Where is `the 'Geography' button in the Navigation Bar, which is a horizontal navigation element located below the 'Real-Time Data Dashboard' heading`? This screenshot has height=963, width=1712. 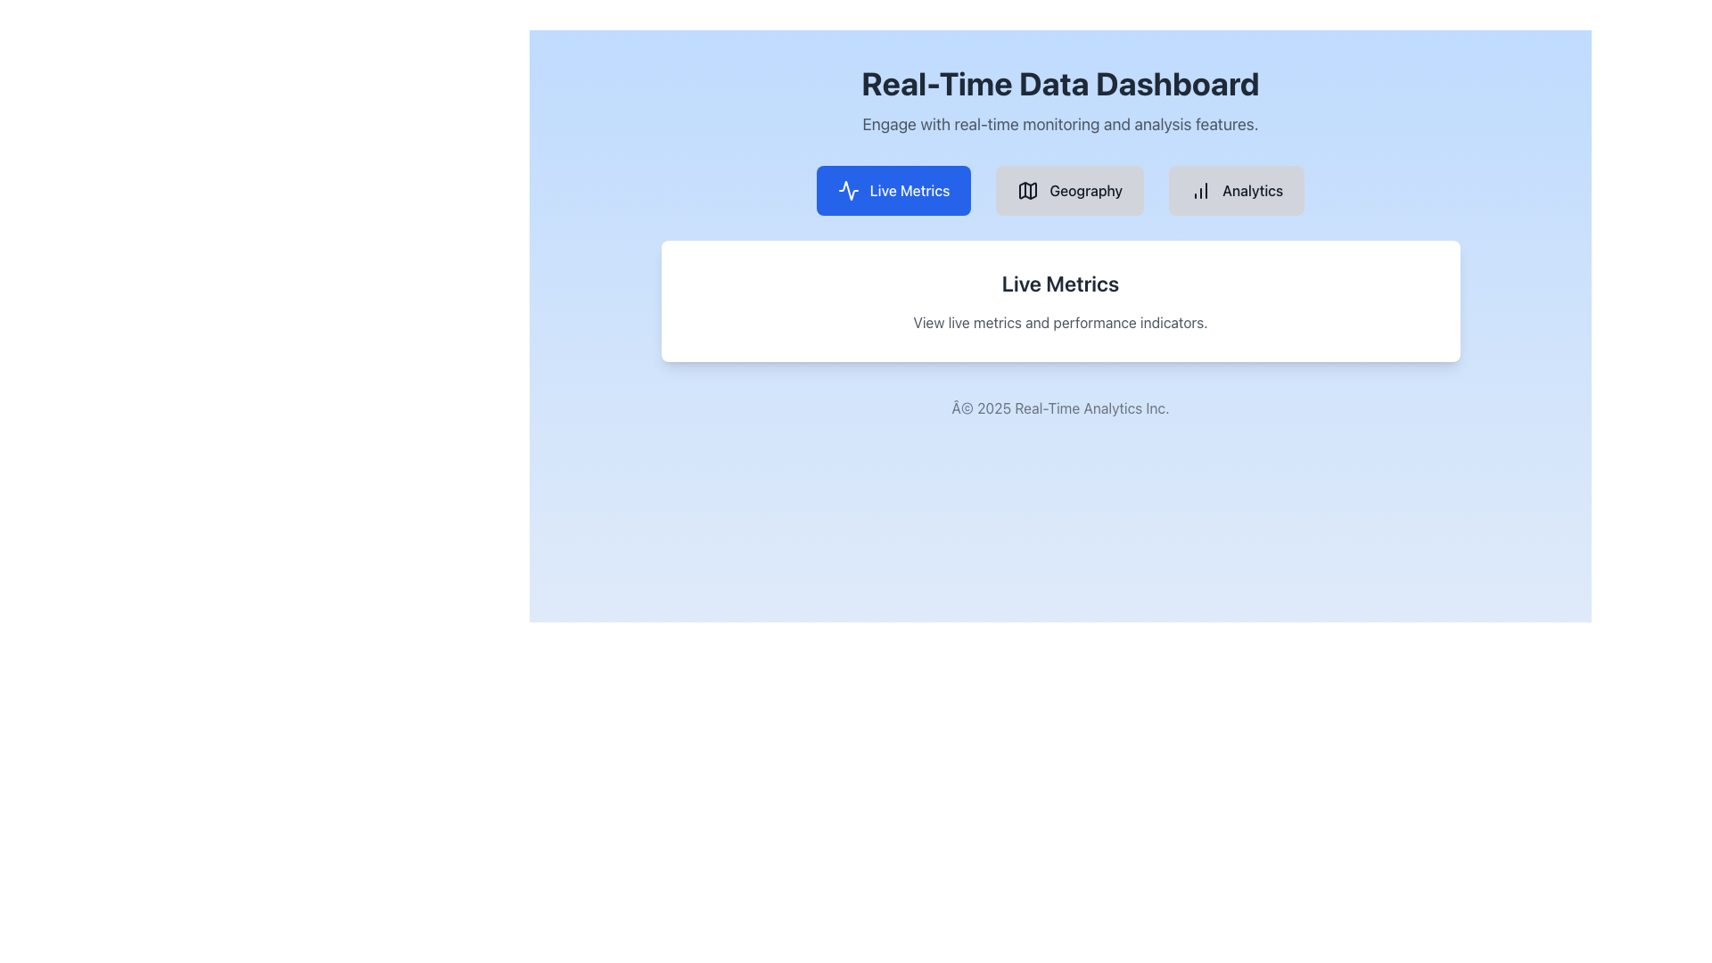
the 'Geography' button in the Navigation Bar, which is a horizontal navigation element located below the 'Real-Time Data Dashboard' heading is located at coordinates (1060, 190).